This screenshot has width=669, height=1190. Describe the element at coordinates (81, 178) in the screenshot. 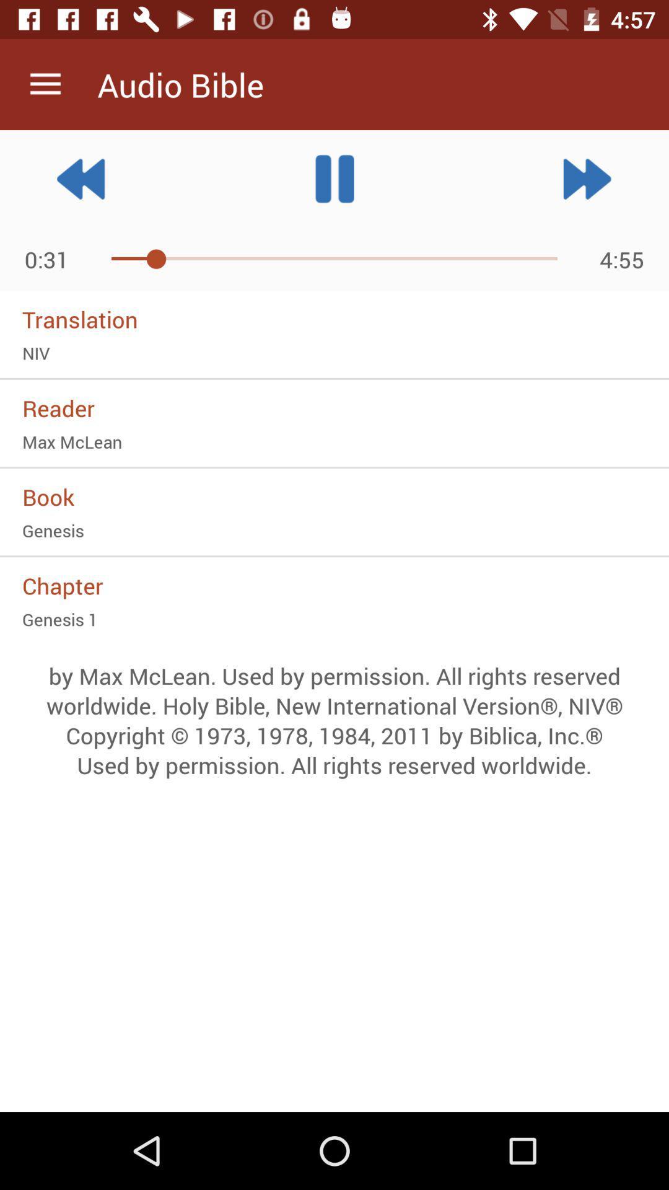

I see `the av_rewind icon` at that location.